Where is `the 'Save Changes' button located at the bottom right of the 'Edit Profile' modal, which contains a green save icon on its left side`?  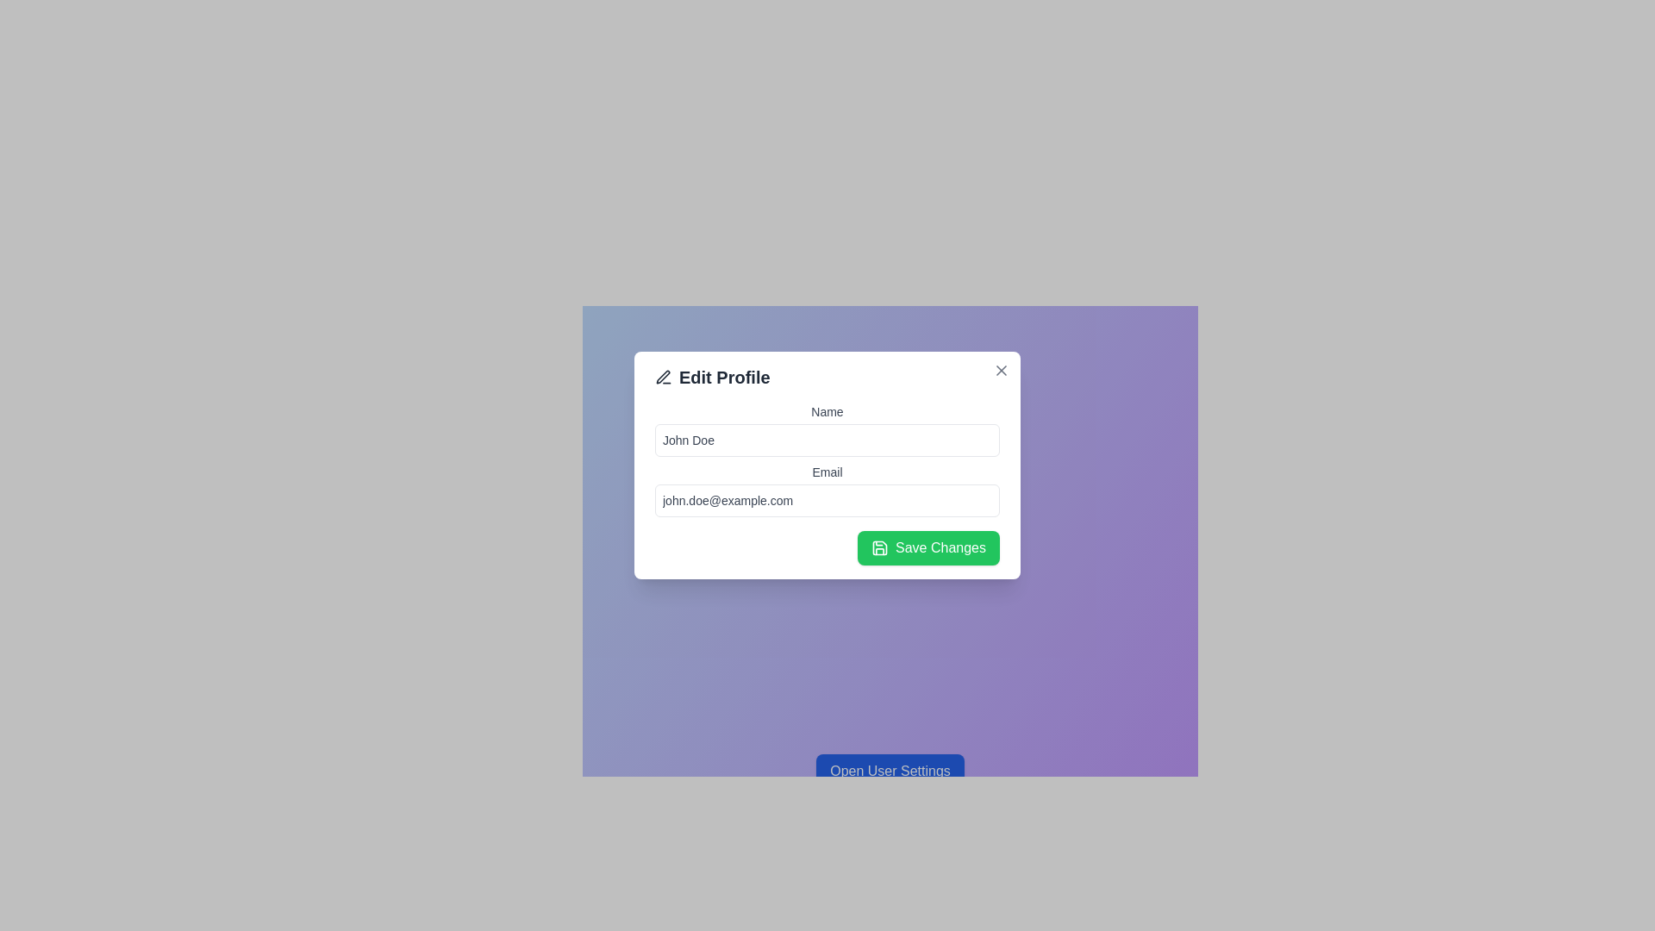 the 'Save Changes' button located at the bottom right of the 'Edit Profile' modal, which contains a green save icon on its left side is located at coordinates (880, 548).